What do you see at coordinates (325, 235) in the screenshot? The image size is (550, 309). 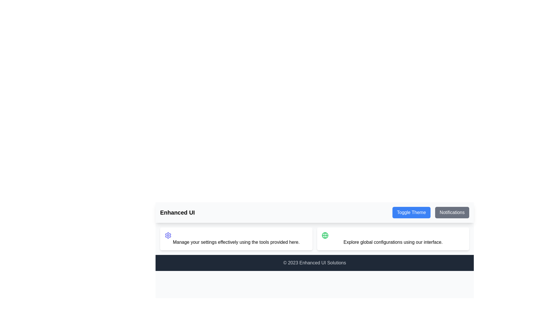 I see `the central circle of the green globe icon, which represents global settings or accessibility, located to the left of the text label` at bounding box center [325, 235].